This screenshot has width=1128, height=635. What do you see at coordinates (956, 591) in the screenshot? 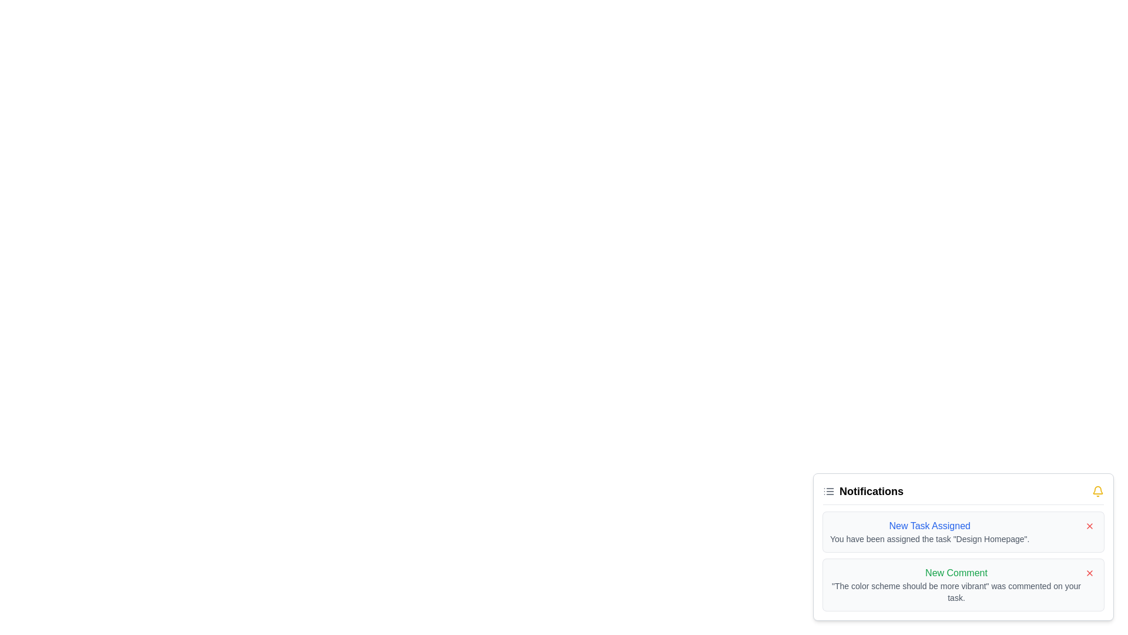
I see `the text display that reads '"The color scheme should be more vibrant" was commented on your task.' located below the green title 'New Comment' in the bottom part of the notification card` at bounding box center [956, 591].